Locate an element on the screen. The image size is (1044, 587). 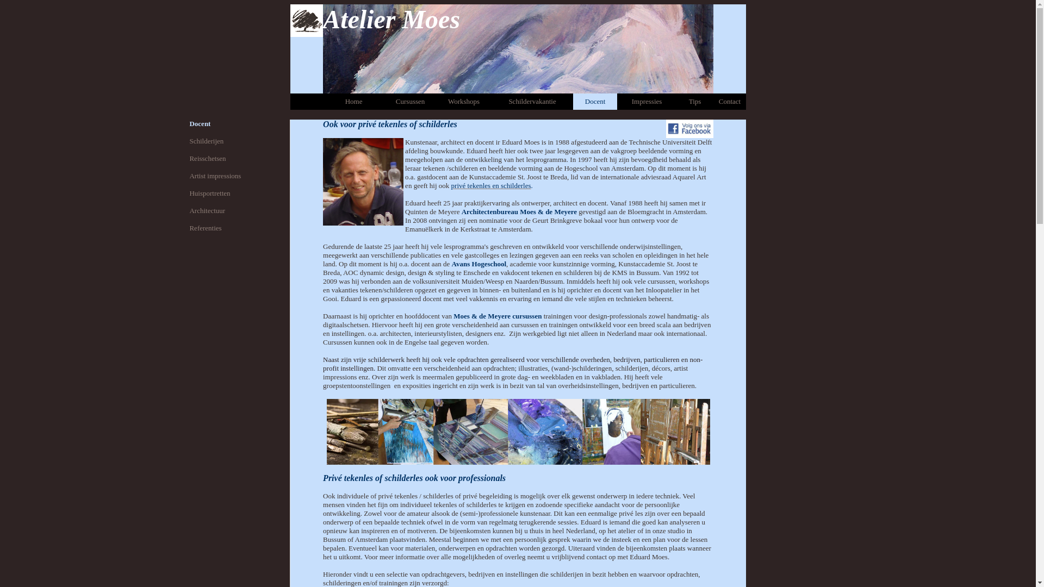
'Referenties' is located at coordinates (205, 227).